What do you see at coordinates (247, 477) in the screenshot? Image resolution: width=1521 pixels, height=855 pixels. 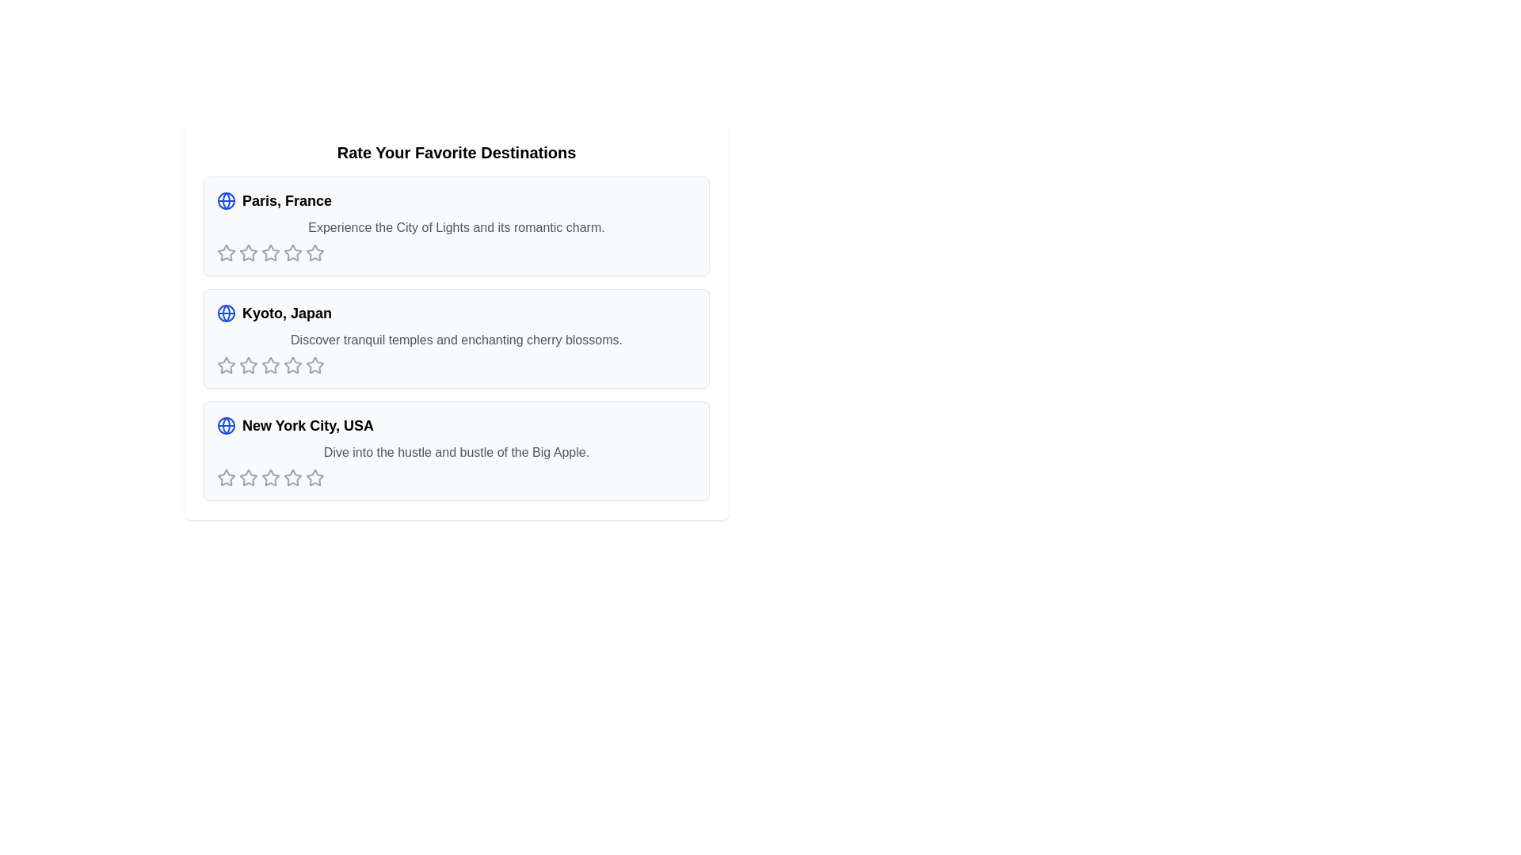 I see `the second star in the five-star rating row for 'New York City, USA' to trigger the interactive effect` at bounding box center [247, 477].